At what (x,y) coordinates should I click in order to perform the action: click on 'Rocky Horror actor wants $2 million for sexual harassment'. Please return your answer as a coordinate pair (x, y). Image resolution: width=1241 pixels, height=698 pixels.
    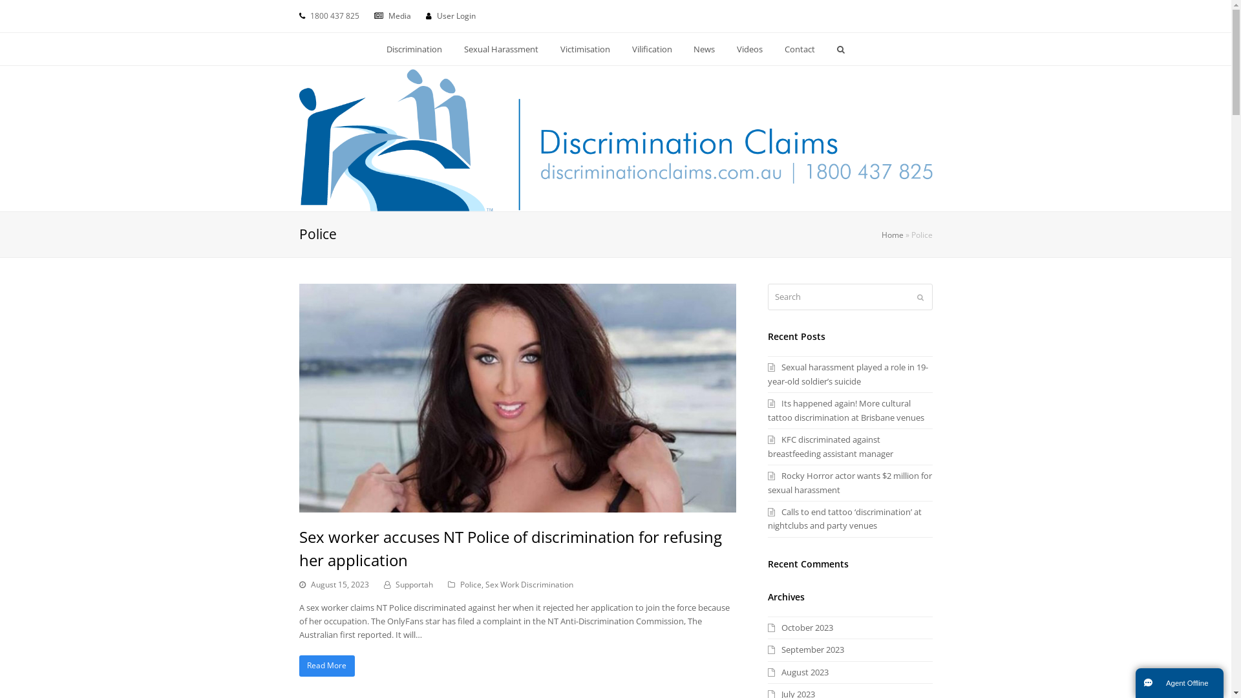
    Looking at the image, I should click on (850, 482).